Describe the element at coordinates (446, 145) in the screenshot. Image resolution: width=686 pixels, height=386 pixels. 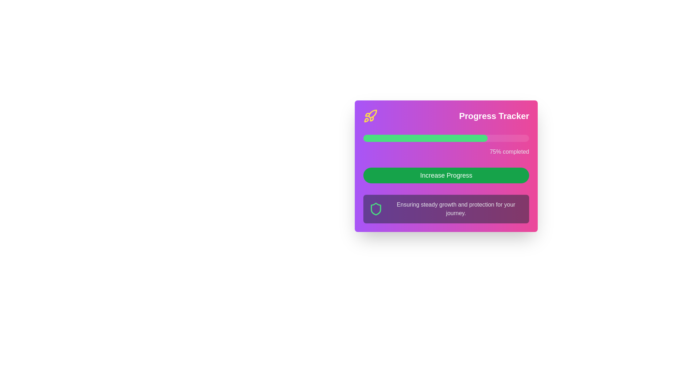
I see `progress percentage from the Progress bar with label located centrally beneath the 'Progress Tracker' title and above the 'Increase Progress' button` at that location.